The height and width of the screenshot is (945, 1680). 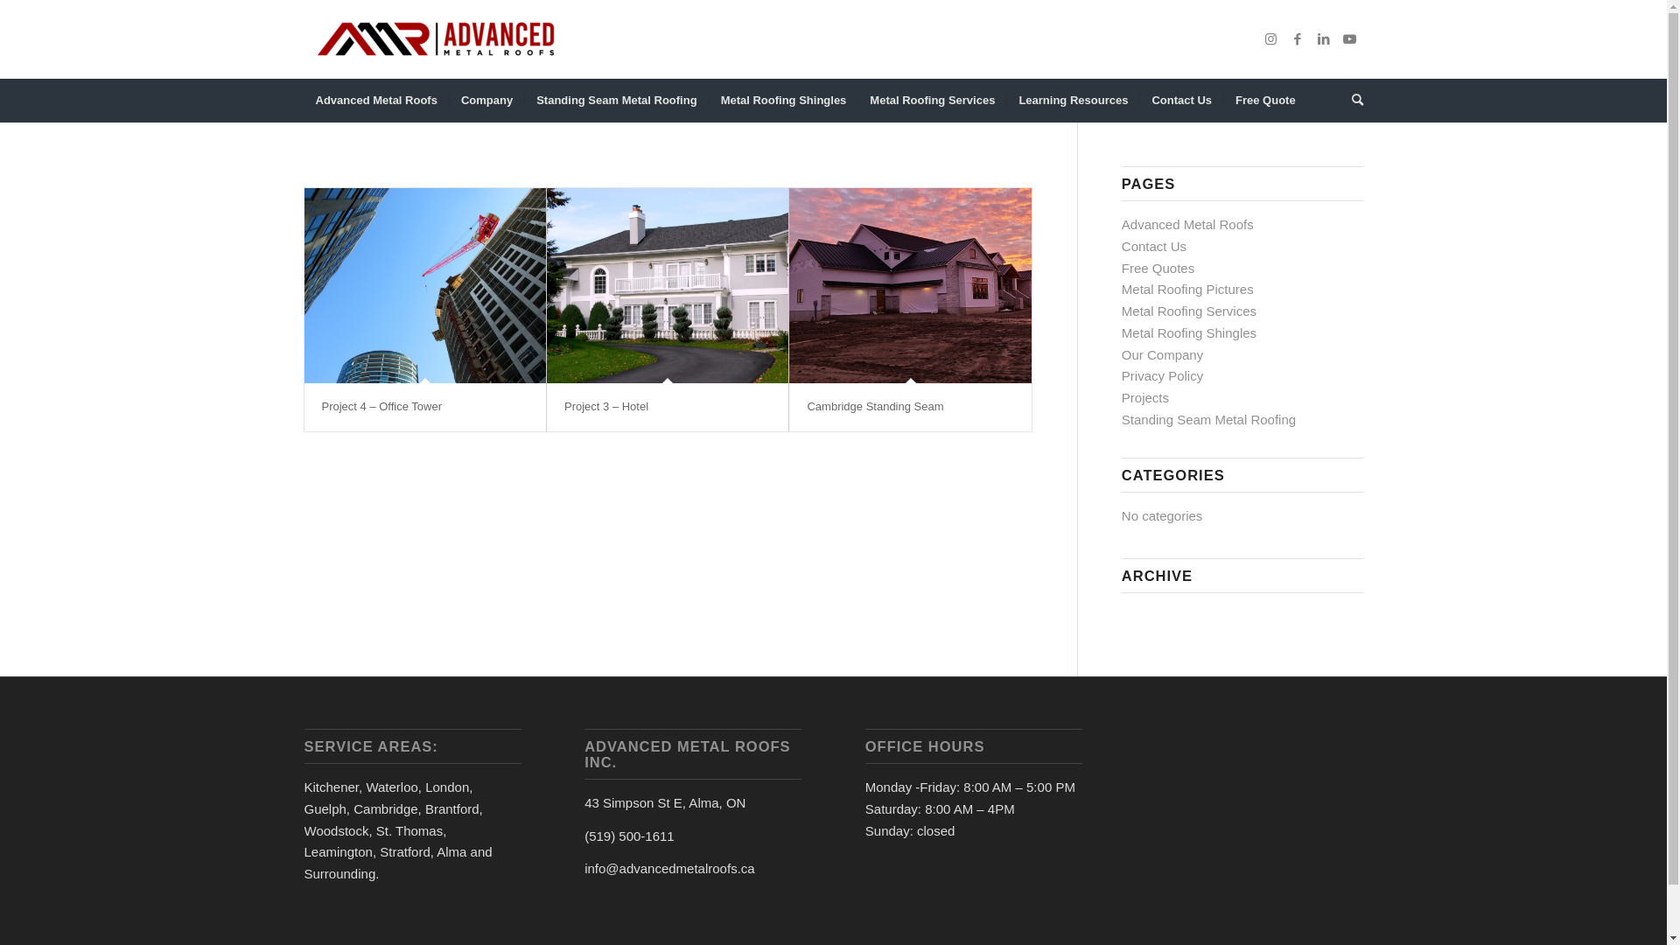 What do you see at coordinates (1188, 332) in the screenshot?
I see `'Metal Roofing Shingles'` at bounding box center [1188, 332].